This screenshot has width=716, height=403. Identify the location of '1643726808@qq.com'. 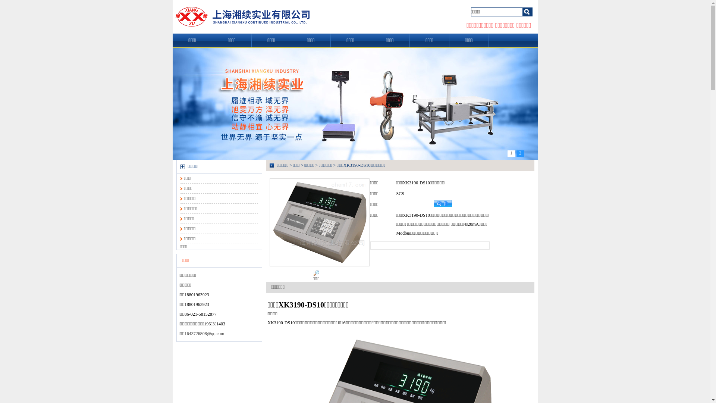
(184, 333).